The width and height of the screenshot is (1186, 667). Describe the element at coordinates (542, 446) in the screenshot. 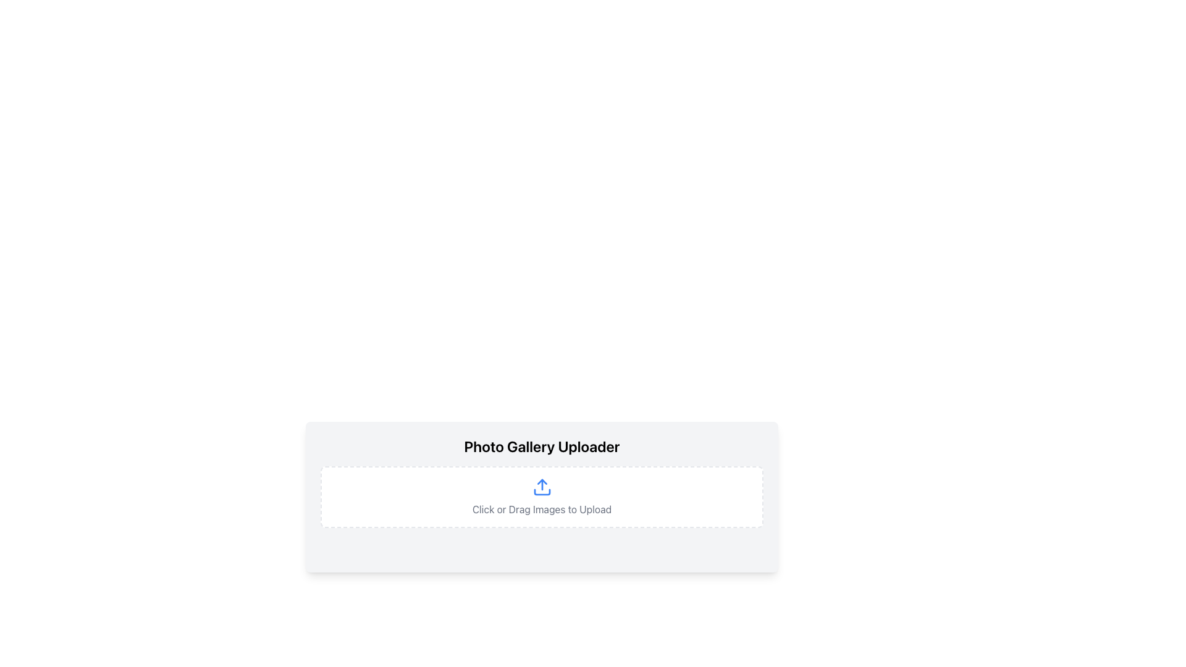

I see `centered title text 'Photo Gallery Uploader' located at the top of the content box` at that location.